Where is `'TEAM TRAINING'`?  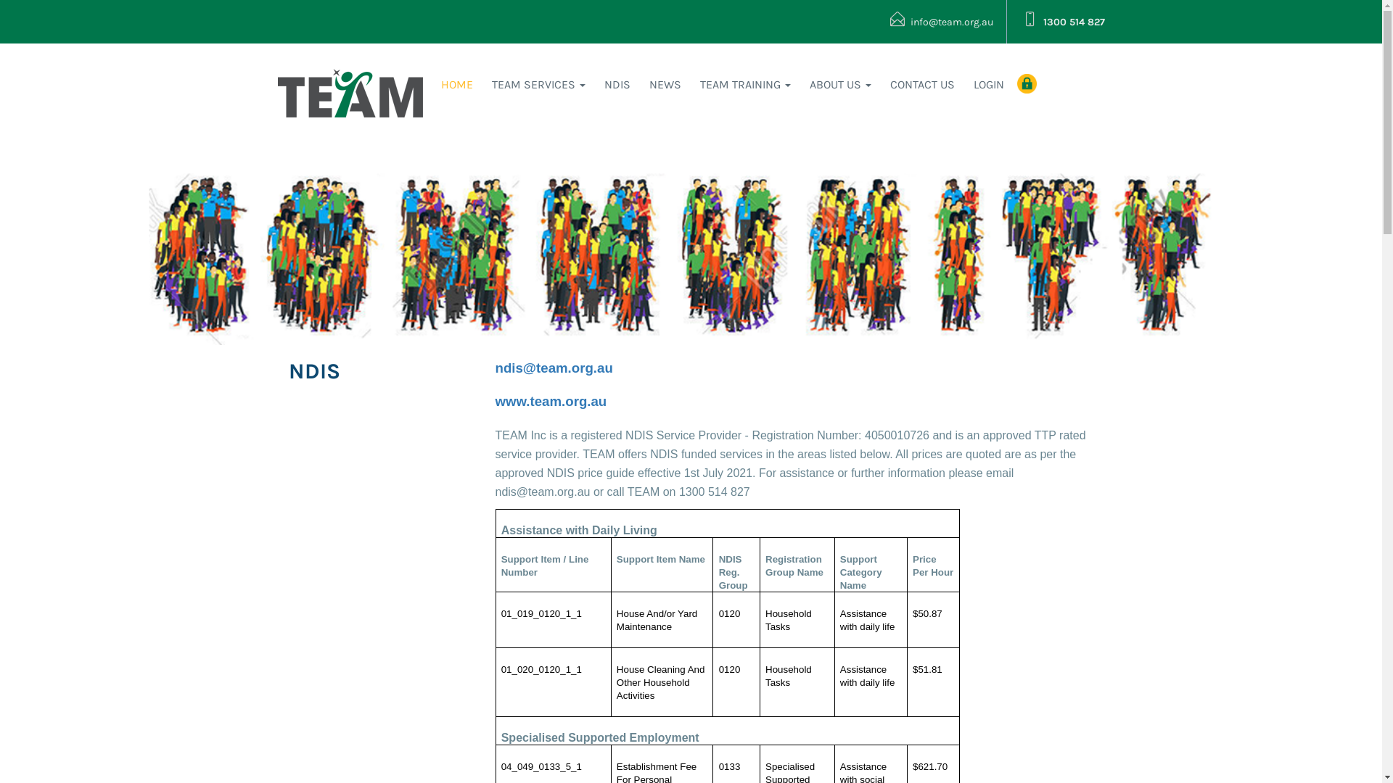 'TEAM TRAINING' is located at coordinates (689, 84).